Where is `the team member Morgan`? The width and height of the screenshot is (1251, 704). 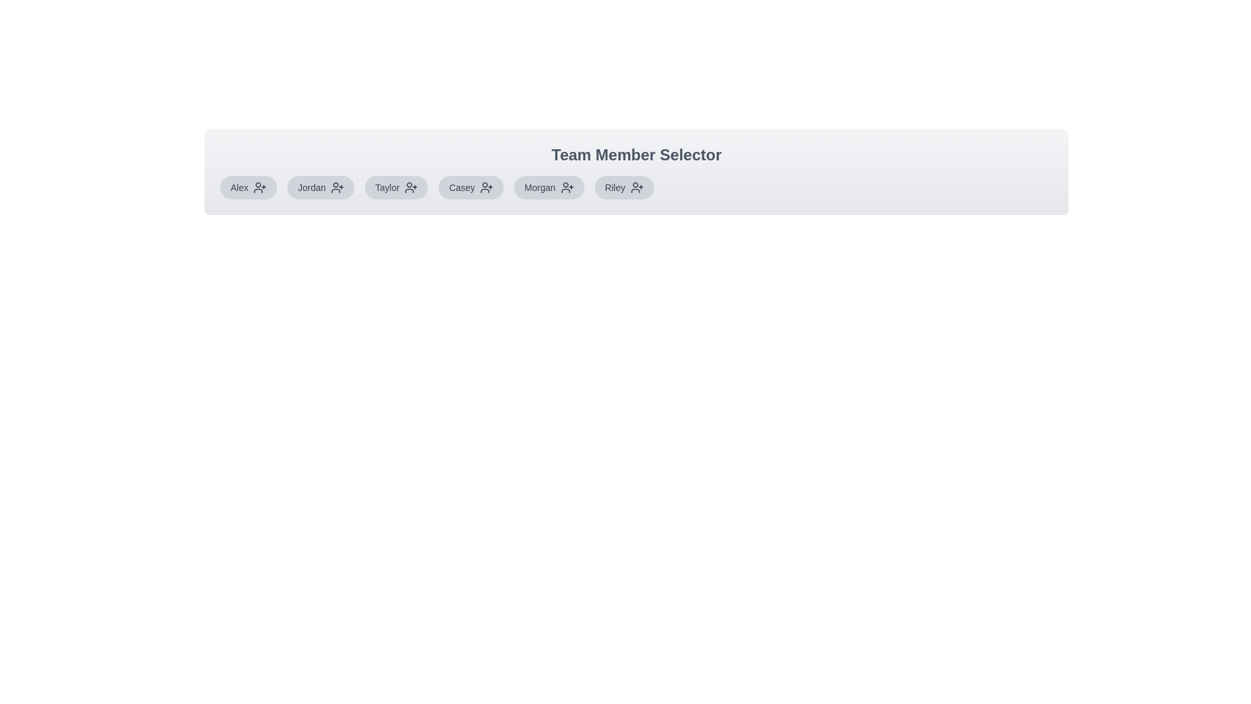 the team member Morgan is located at coordinates (548, 188).